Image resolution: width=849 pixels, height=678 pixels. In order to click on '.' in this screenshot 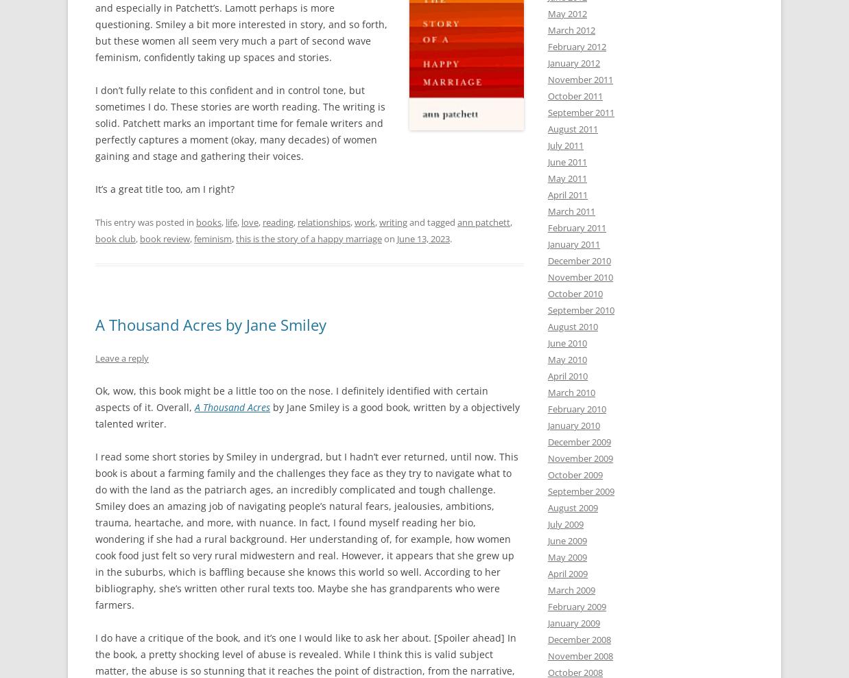, I will do `click(450, 237)`.